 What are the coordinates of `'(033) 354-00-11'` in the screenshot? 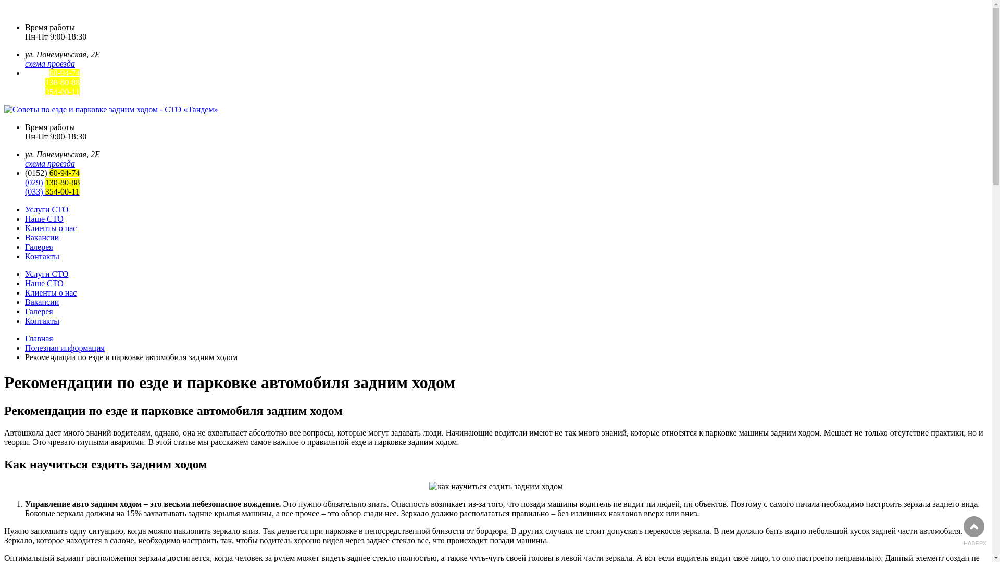 It's located at (52, 191).